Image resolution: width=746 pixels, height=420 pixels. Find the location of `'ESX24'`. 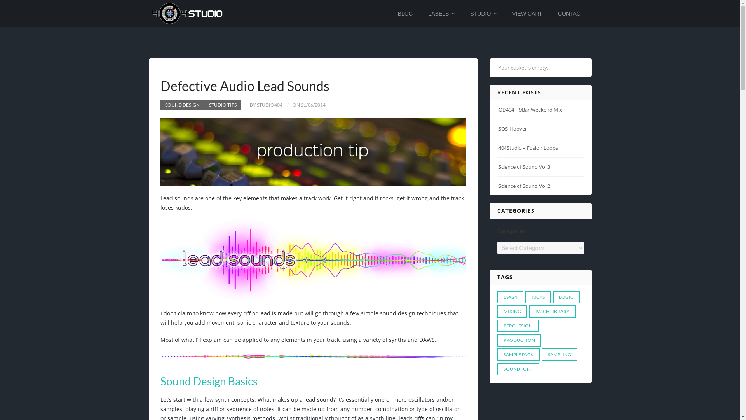

'ESX24' is located at coordinates (497, 297).